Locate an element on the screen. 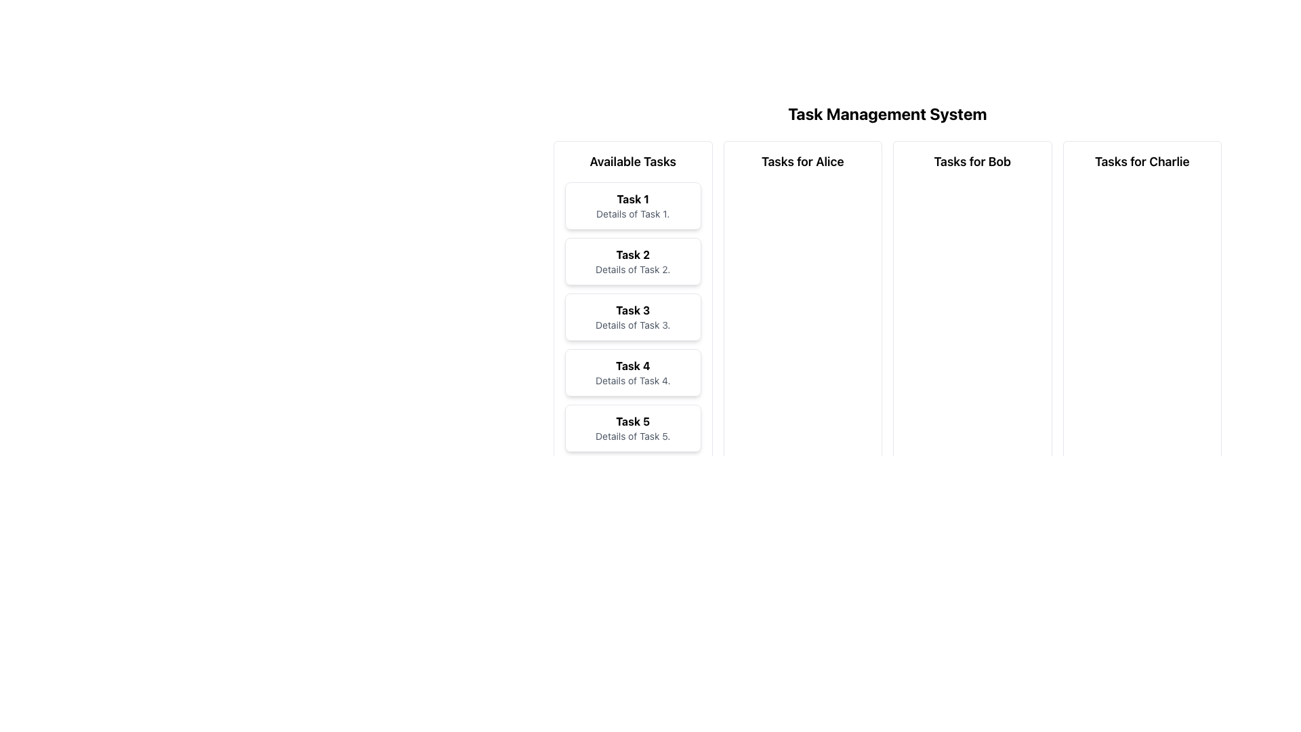  information from the Text label that contains 'Details of Task 1.' located below the title 'Task 1.' in the first task card of 'Available Tasks.' is located at coordinates (632, 213).